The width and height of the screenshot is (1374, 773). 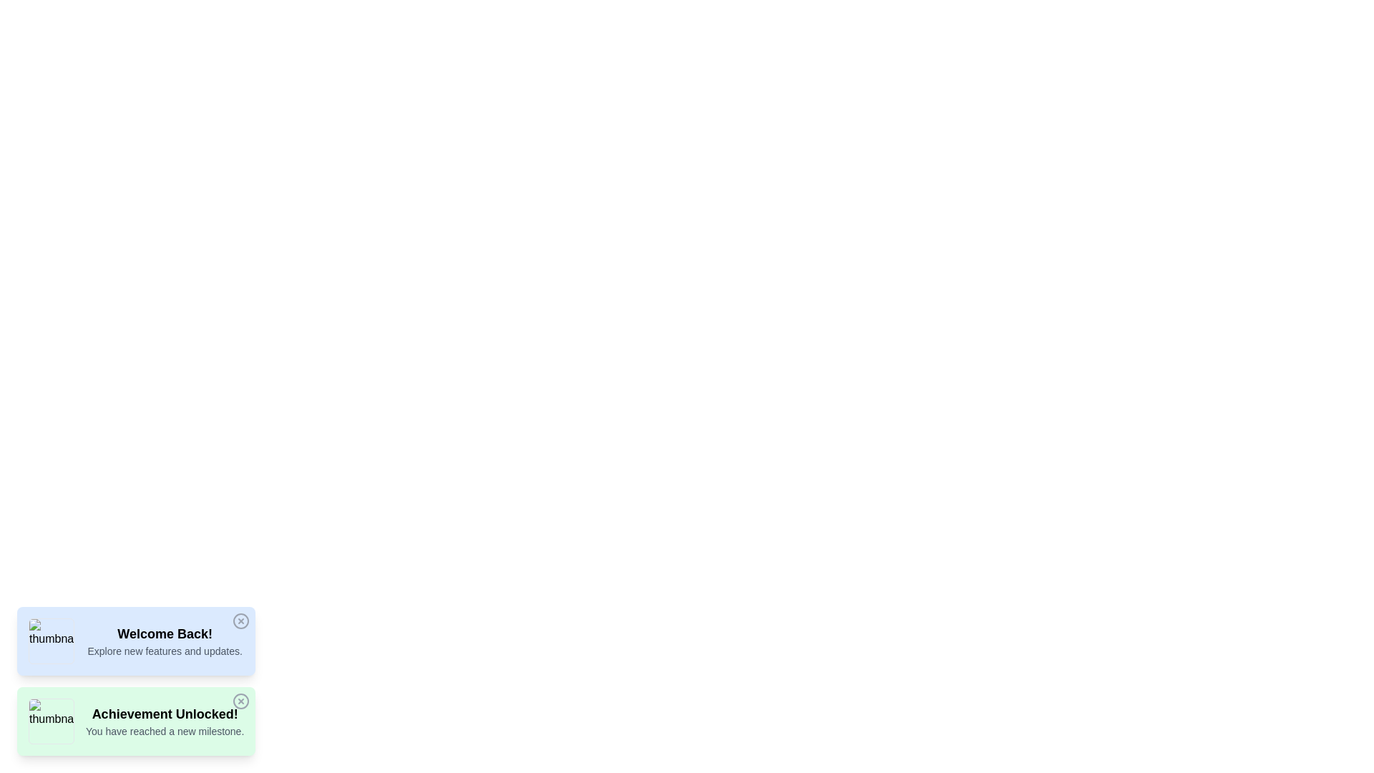 What do you see at coordinates (52, 640) in the screenshot?
I see `the thumbnail associated with the notification Welcome Back!` at bounding box center [52, 640].